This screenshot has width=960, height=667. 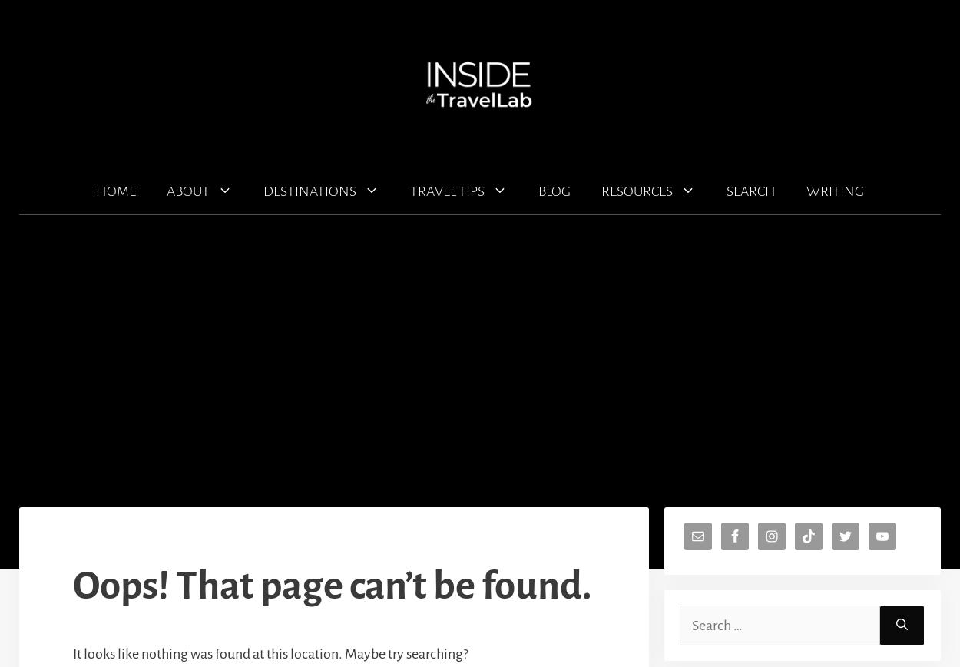 What do you see at coordinates (72, 586) in the screenshot?
I see `'Oops! That page can’t be found.'` at bounding box center [72, 586].